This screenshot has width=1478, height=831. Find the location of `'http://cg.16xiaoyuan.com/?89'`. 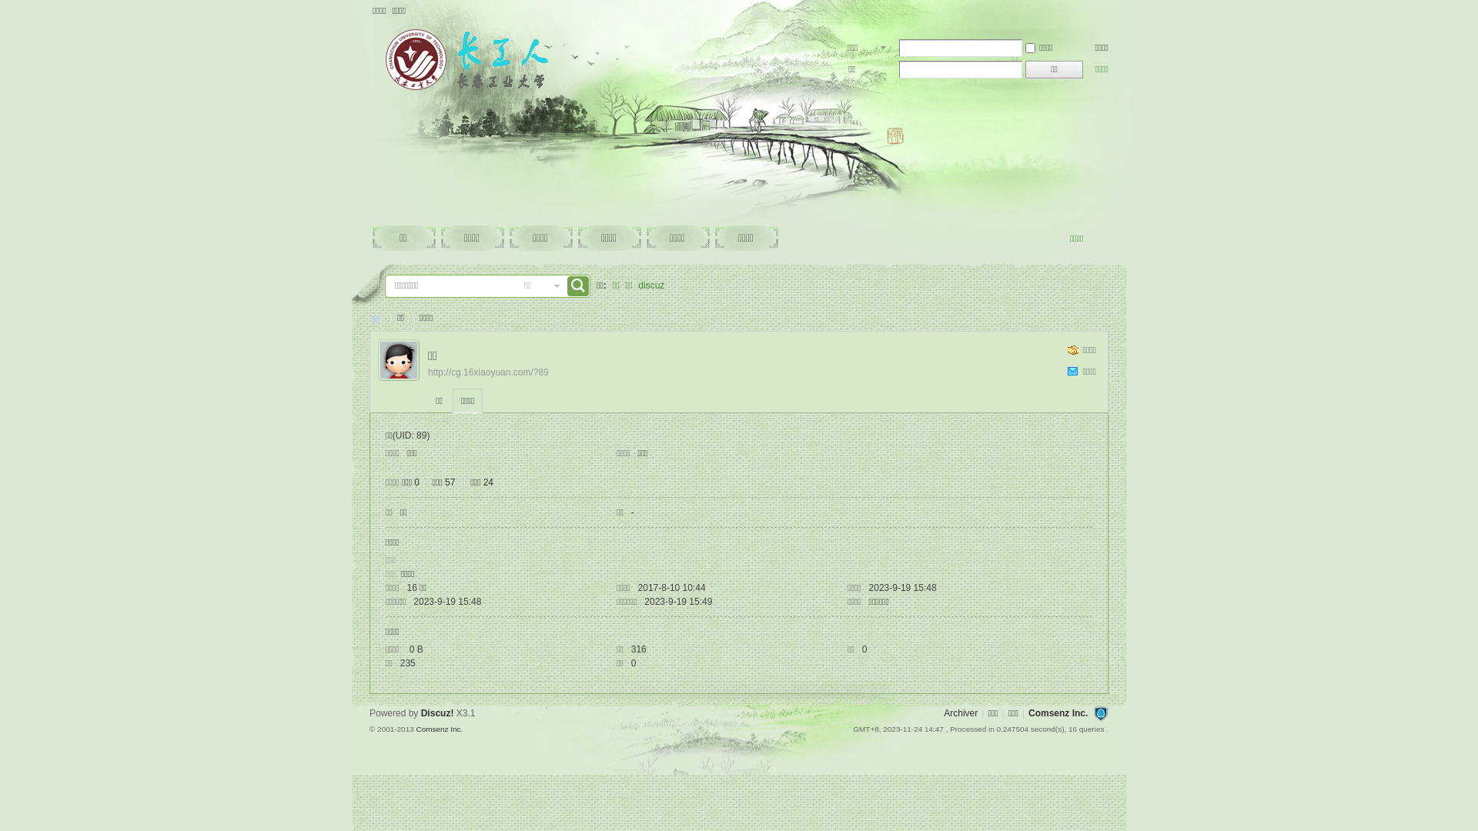

'http://cg.16xiaoyuan.com/?89' is located at coordinates (487, 372).